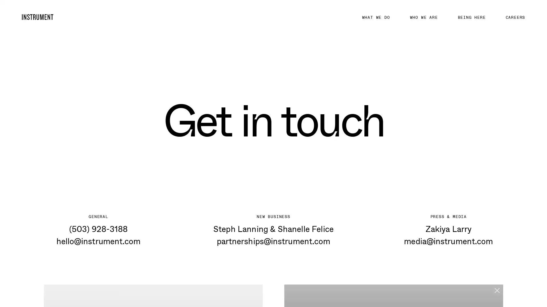 Image resolution: width=547 pixels, height=307 pixels. I want to click on Play/pause inline video, so click(54, 284).